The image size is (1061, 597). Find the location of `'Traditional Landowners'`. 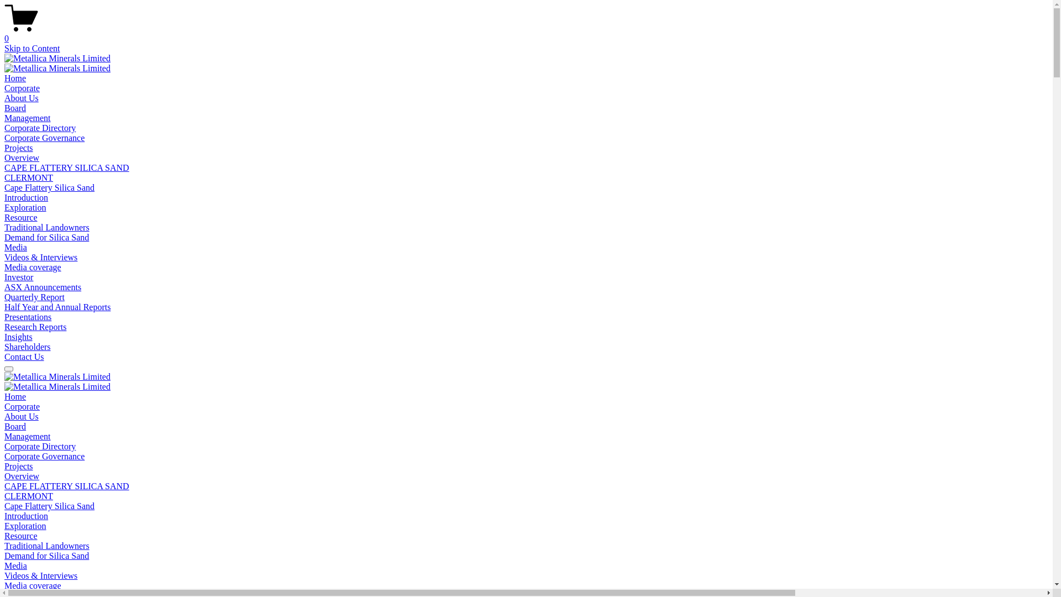

'Traditional Landowners' is located at coordinates (46, 545).